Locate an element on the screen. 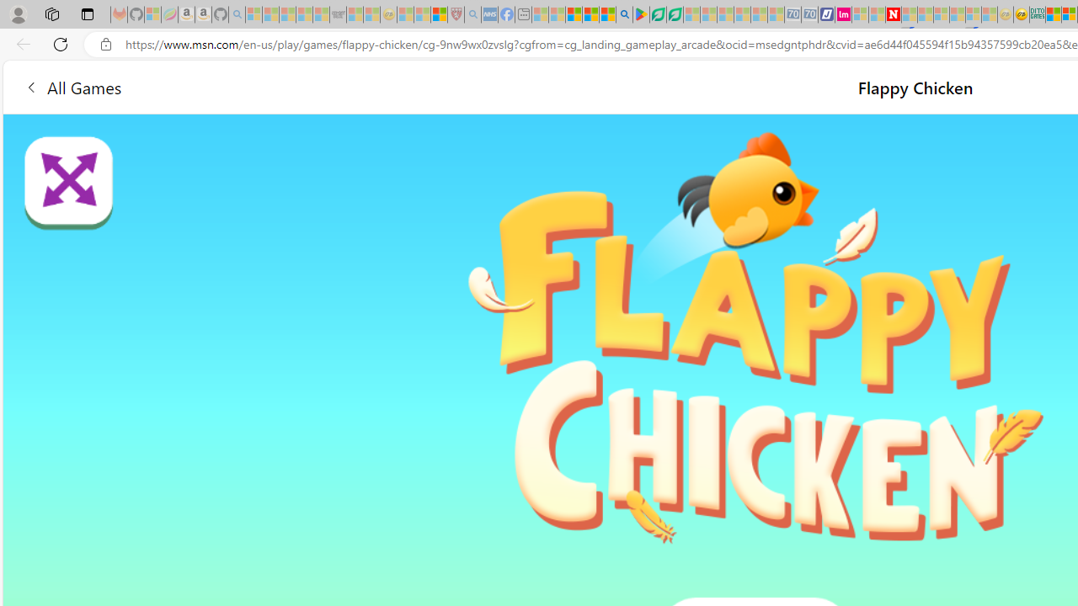  'Microsoft Word - consumer-privacy address update 2.2021' is located at coordinates (675, 14).